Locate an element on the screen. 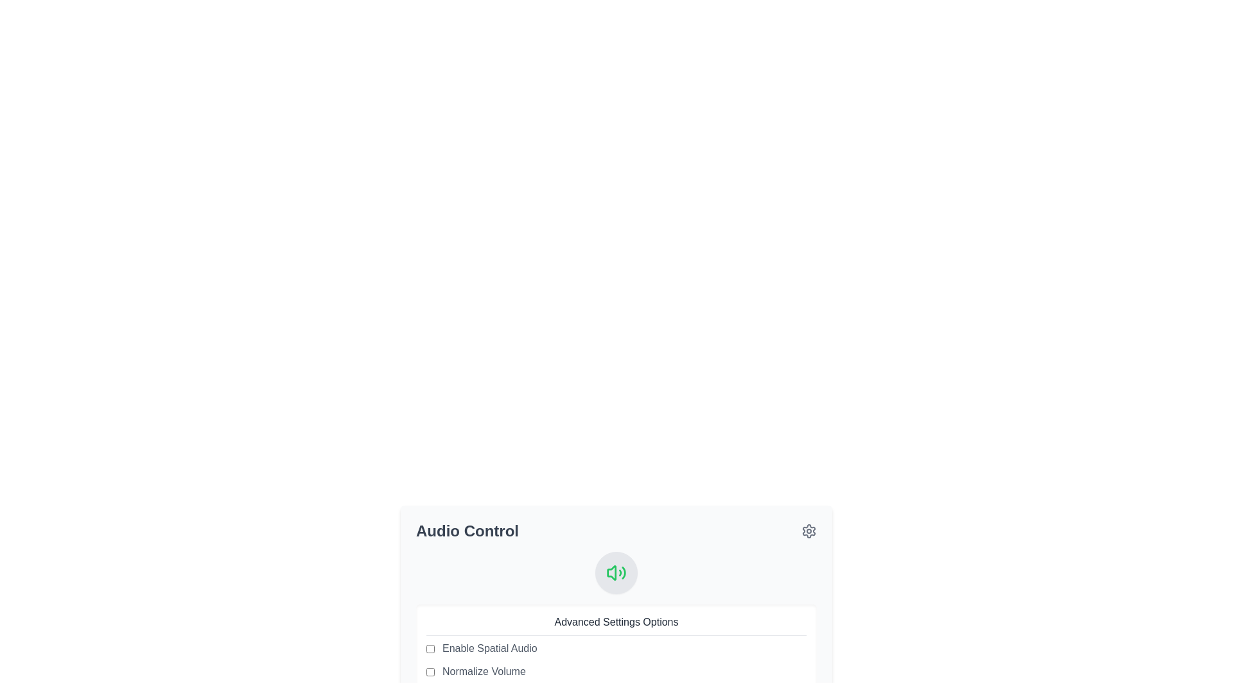 This screenshot has height=693, width=1233. the text label displaying 'Enable Spatial Audio', which is styled with a gray font color and positioned next to a checkbox in the 'Advanced Settings Options' section is located at coordinates (489, 648).